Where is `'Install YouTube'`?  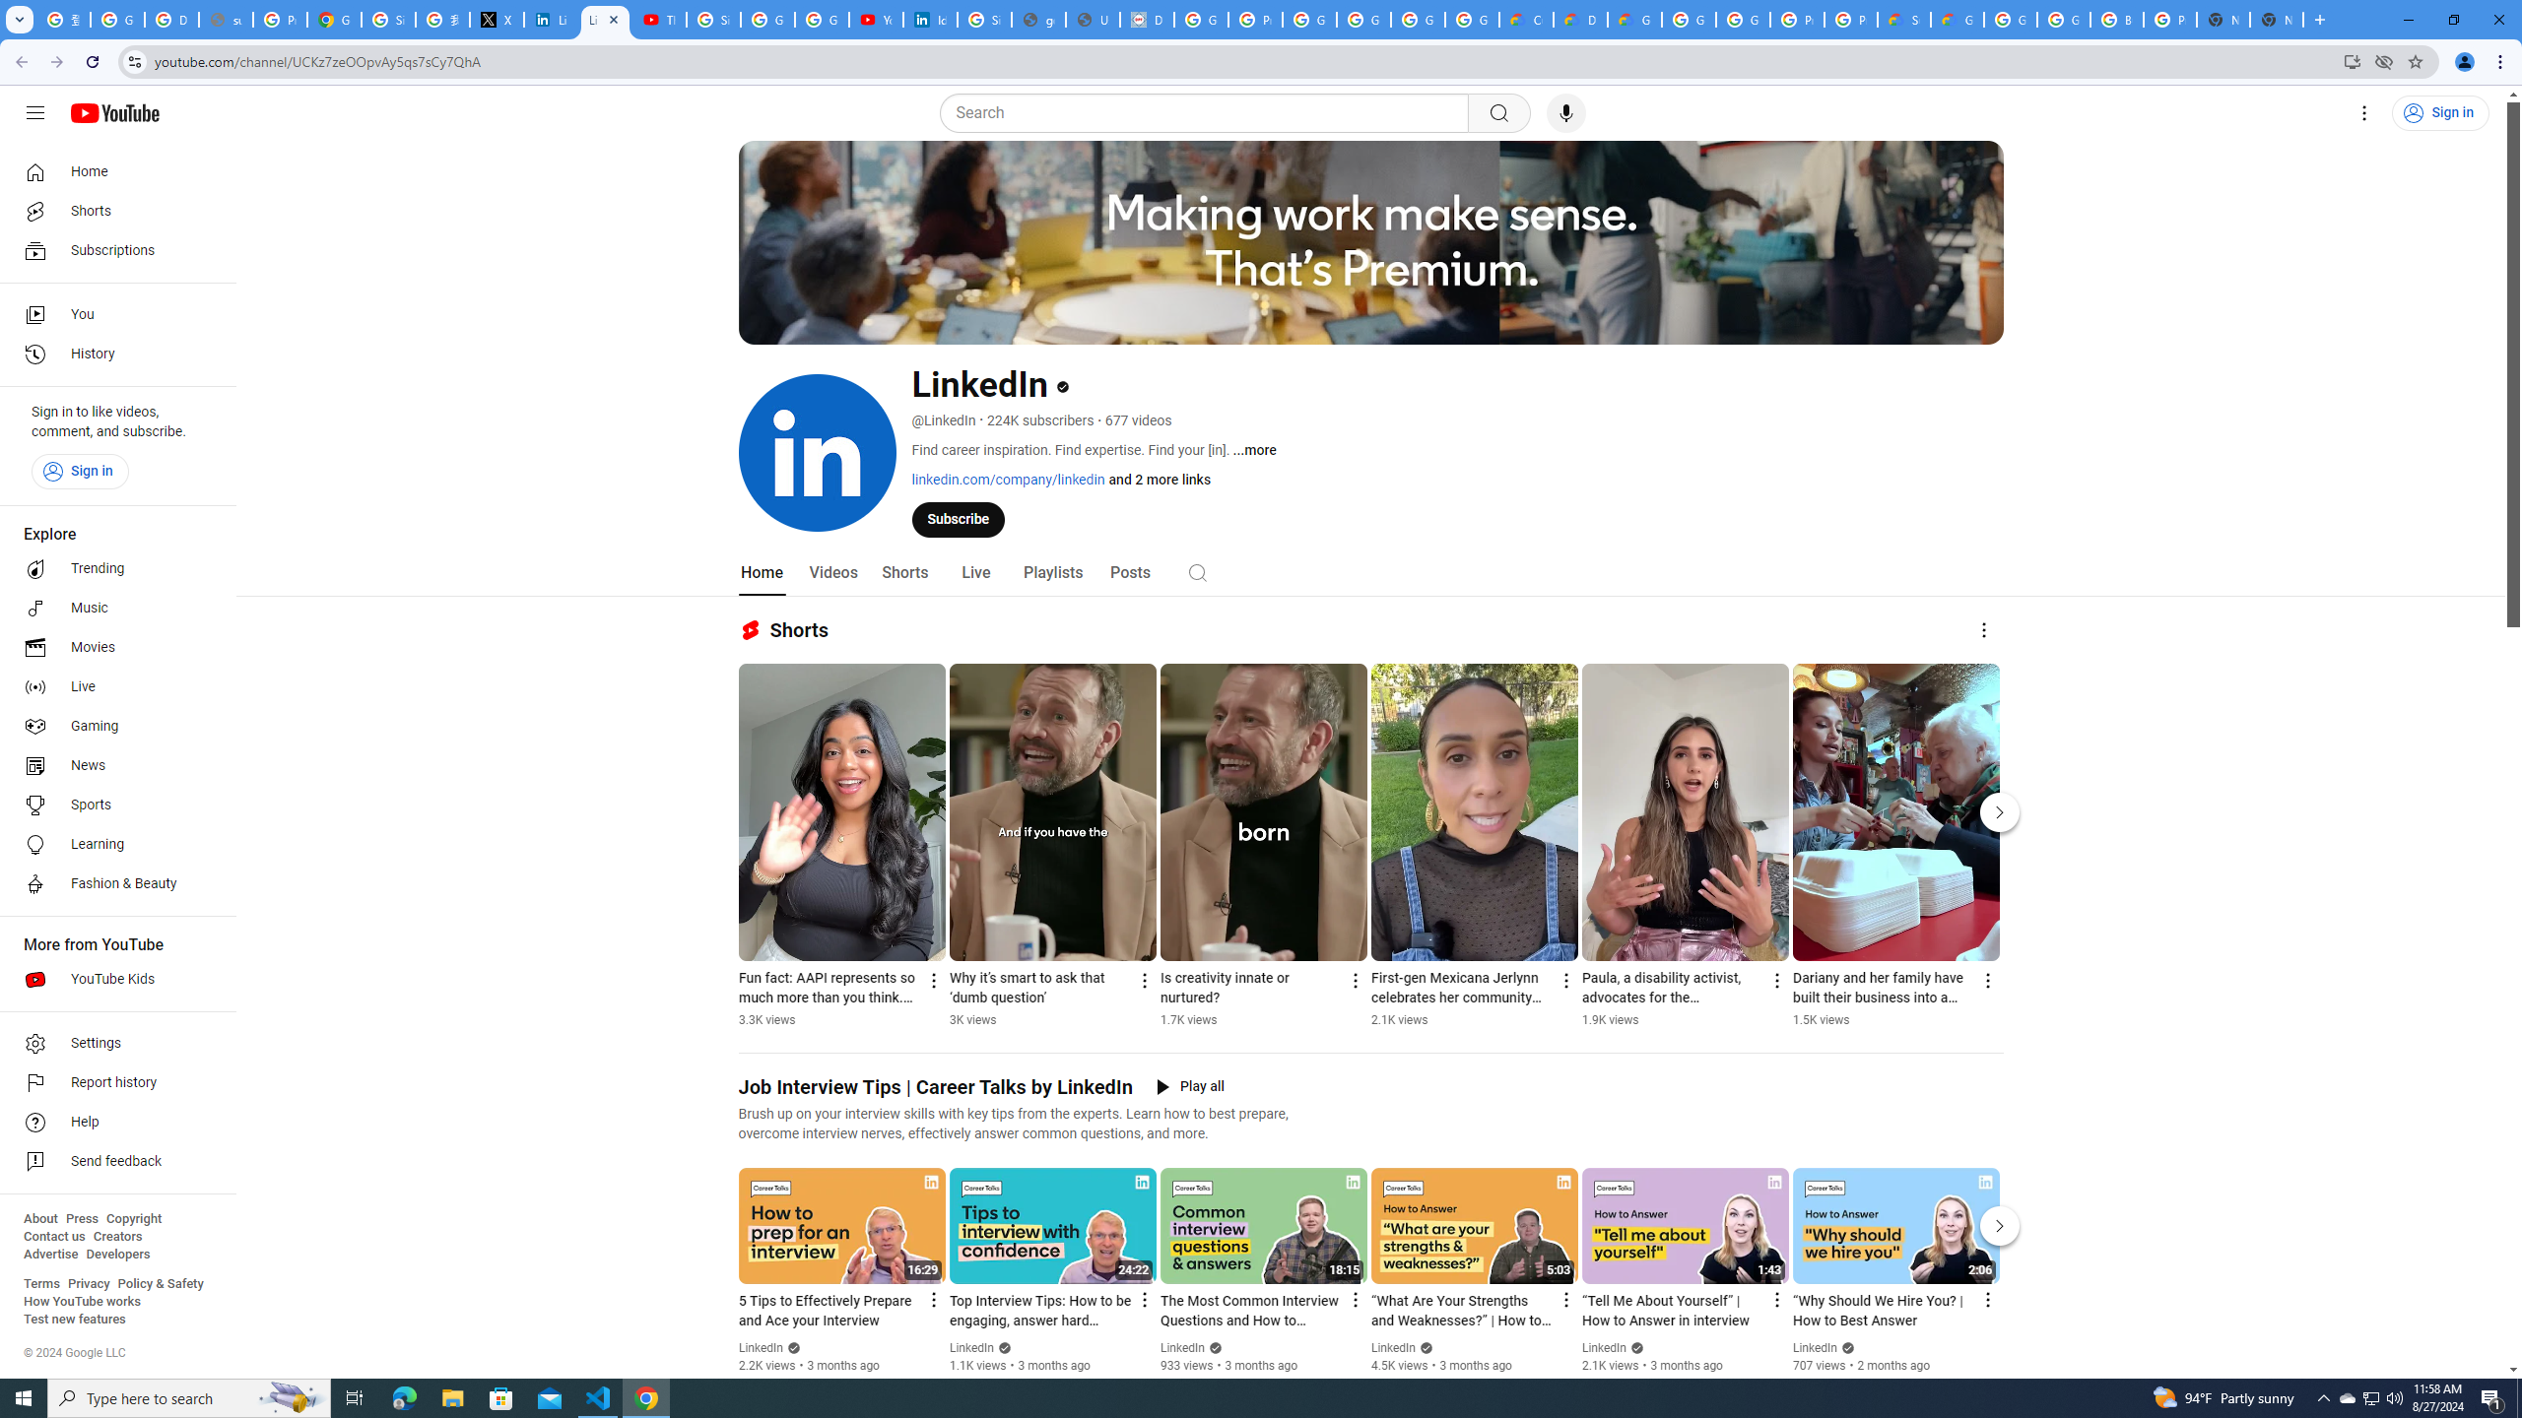
'Install YouTube' is located at coordinates (2353, 60).